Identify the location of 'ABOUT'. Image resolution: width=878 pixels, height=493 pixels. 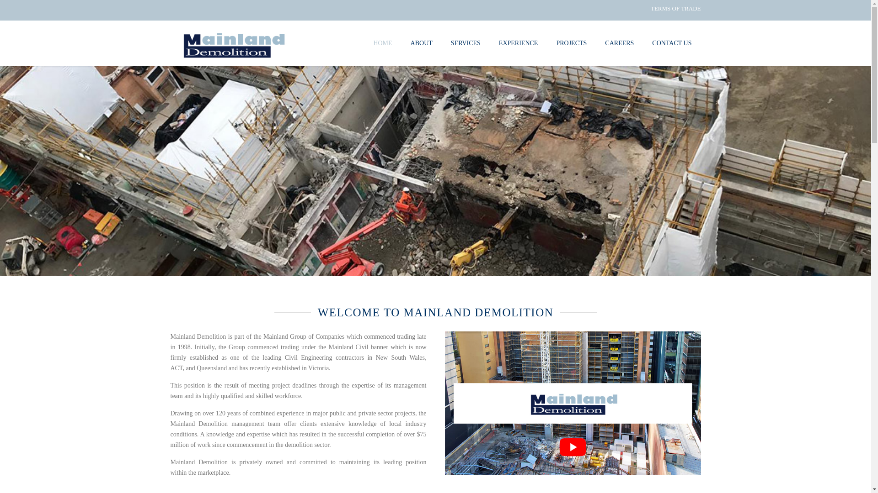
(410, 43).